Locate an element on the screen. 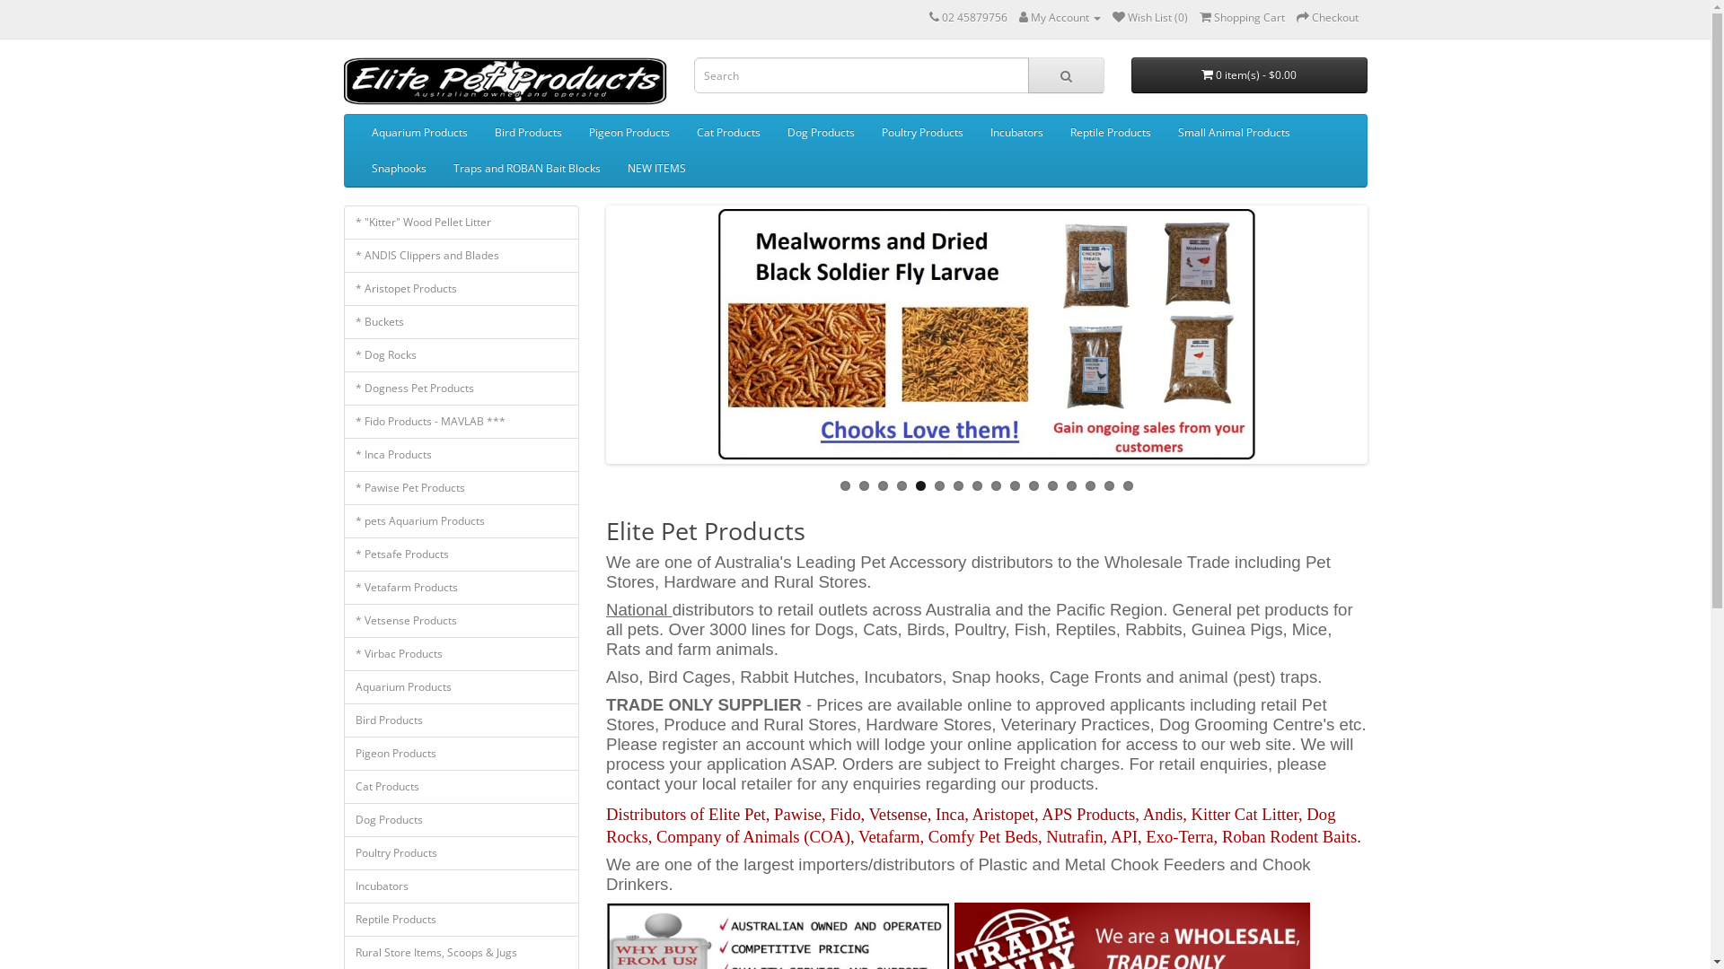  '* Dog Rocks' is located at coordinates (461, 354).